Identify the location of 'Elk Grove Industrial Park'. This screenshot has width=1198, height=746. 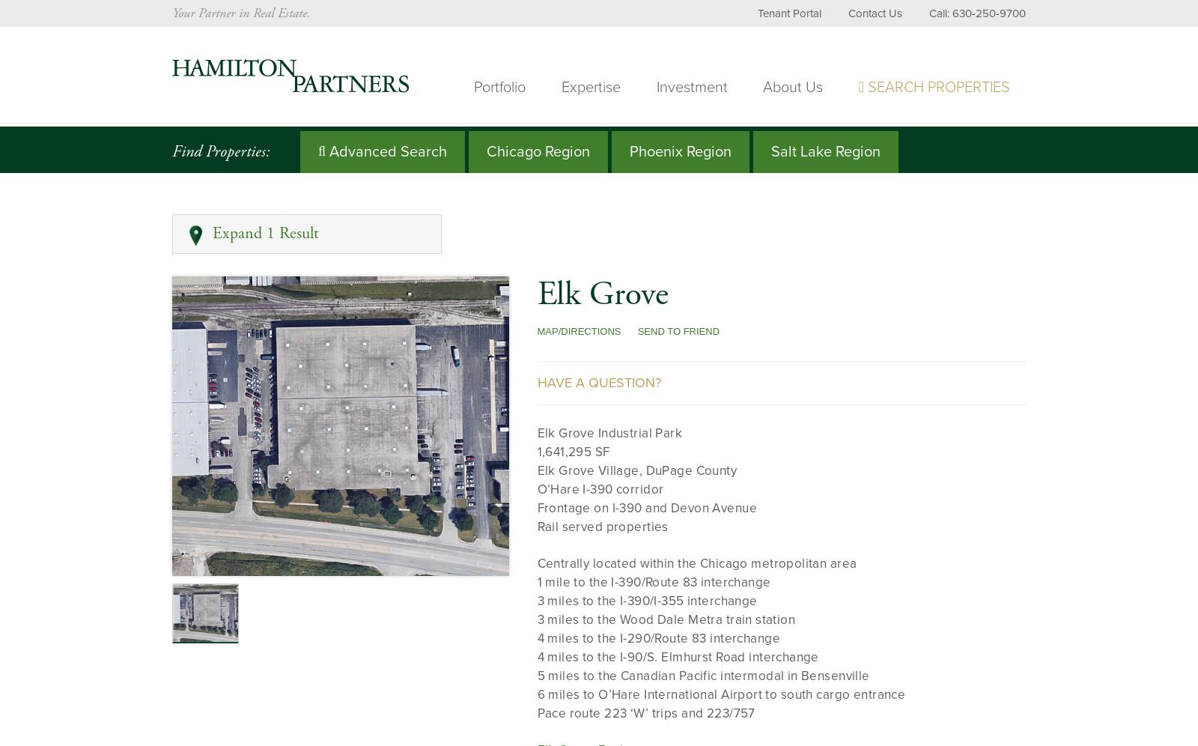
(609, 431).